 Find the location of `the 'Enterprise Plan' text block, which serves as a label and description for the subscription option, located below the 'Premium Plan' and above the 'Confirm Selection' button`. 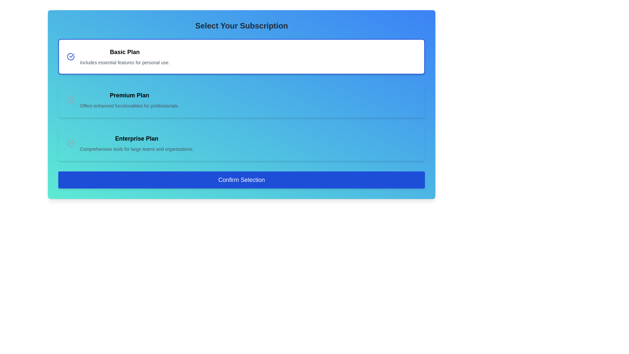

the 'Enterprise Plan' text block, which serves as a label and description for the subscription option, located below the 'Premium Plan' and above the 'Confirm Selection' button is located at coordinates (136, 143).